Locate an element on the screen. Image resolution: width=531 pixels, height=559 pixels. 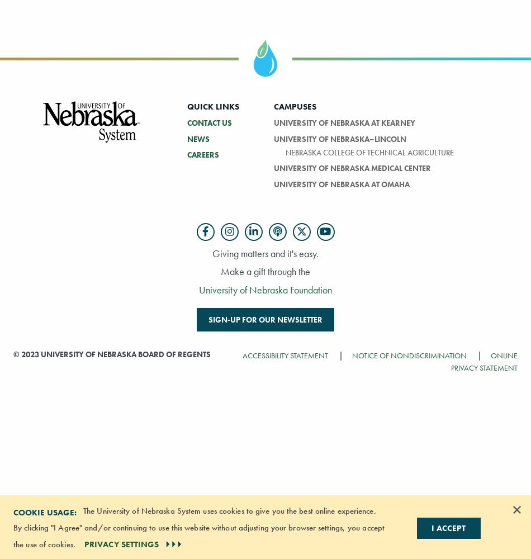
'Nebraska College of Technical Agriculture' is located at coordinates (369, 153).